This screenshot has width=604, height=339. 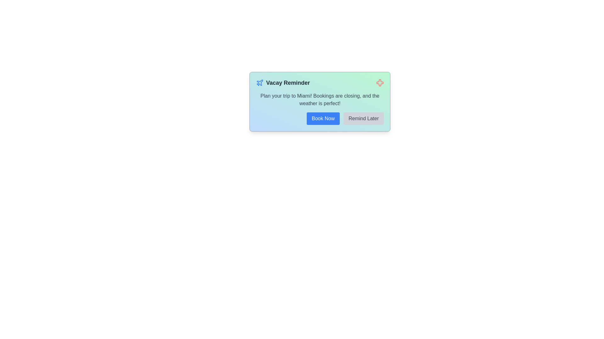 I want to click on the 'Book Now' button with a blue background and white text to initiate booking, so click(x=323, y=119).